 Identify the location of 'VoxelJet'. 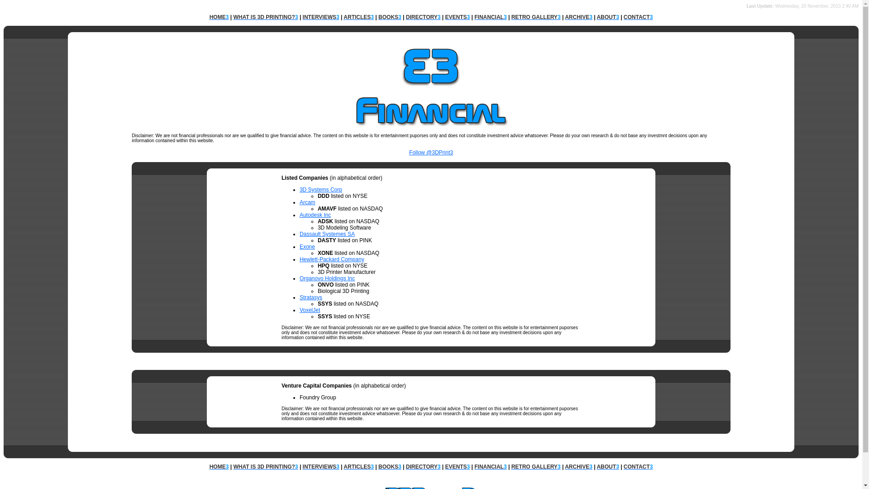
(310, 310).